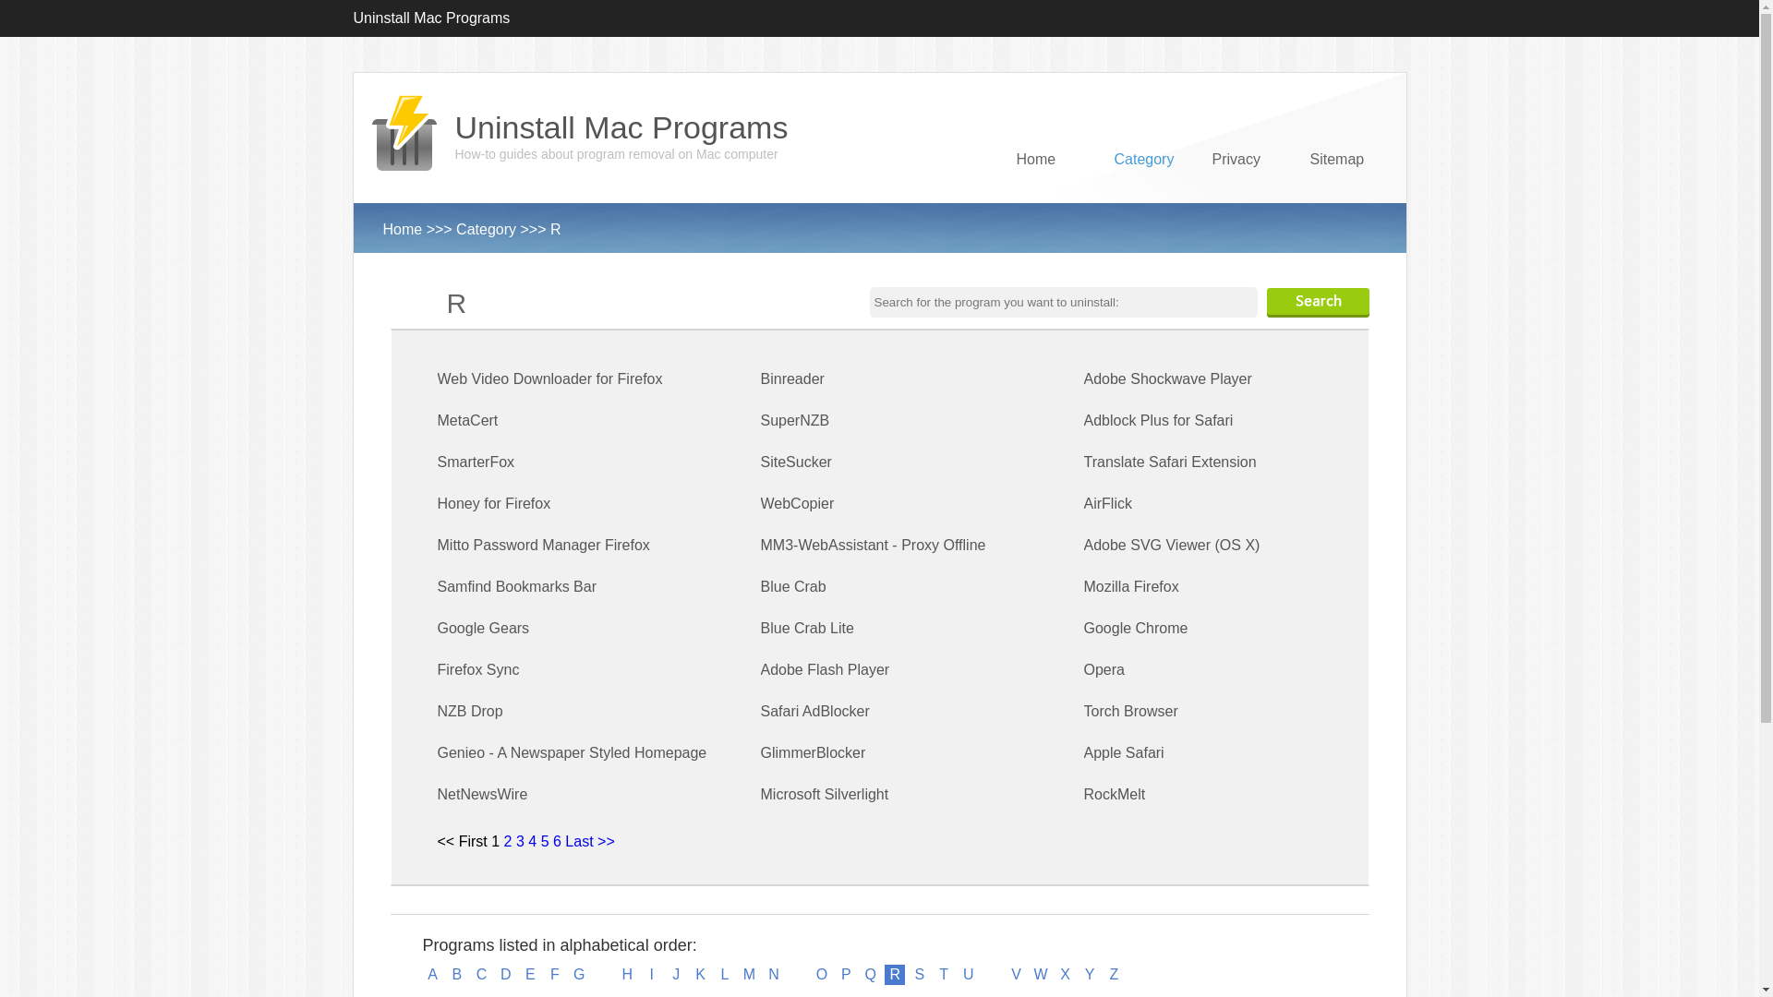  I want to click on 'P', so click(845, 974).